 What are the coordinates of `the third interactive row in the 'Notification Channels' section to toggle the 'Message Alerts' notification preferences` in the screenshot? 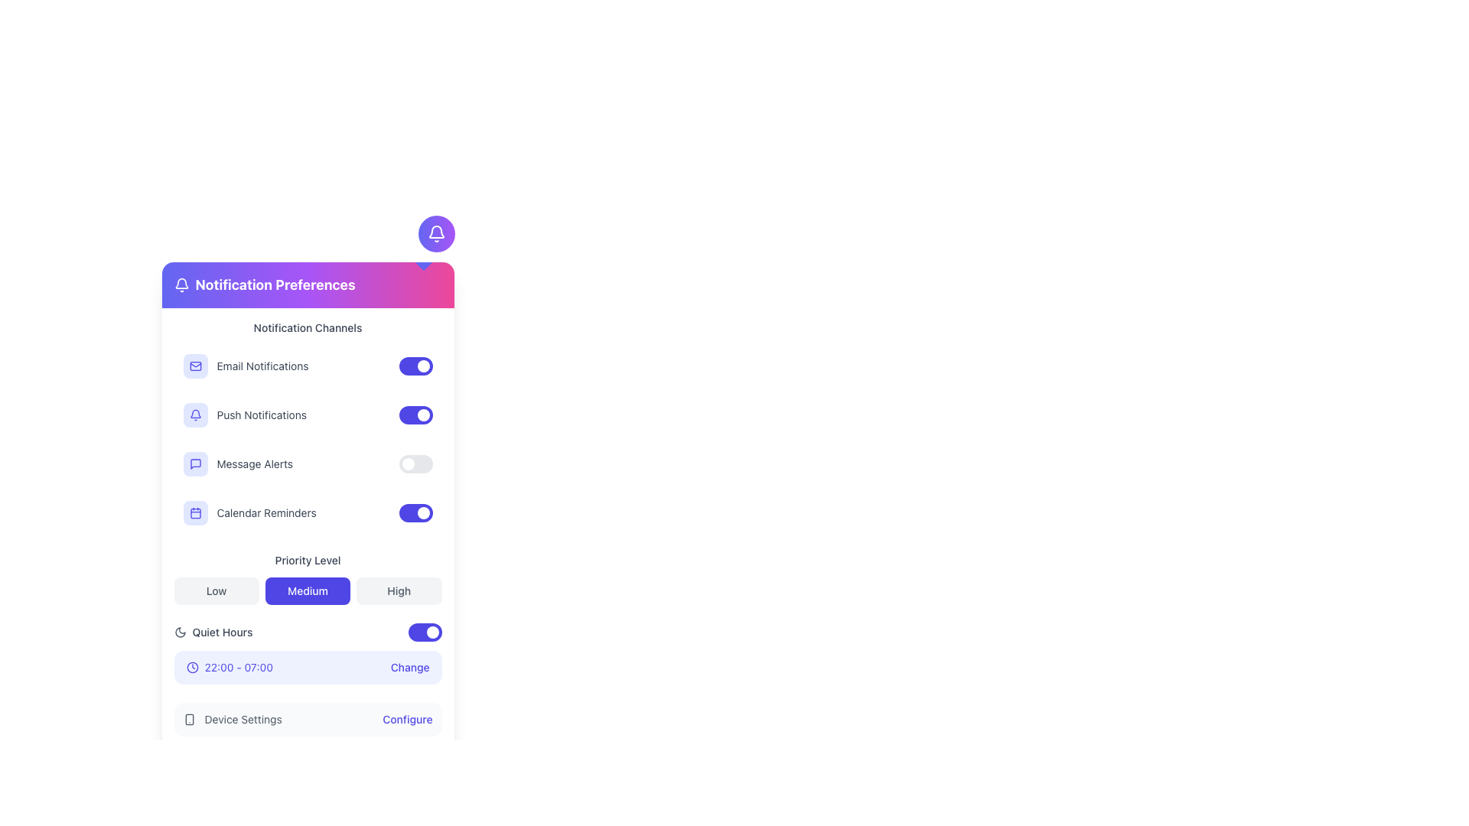 It's located at (307, 463).